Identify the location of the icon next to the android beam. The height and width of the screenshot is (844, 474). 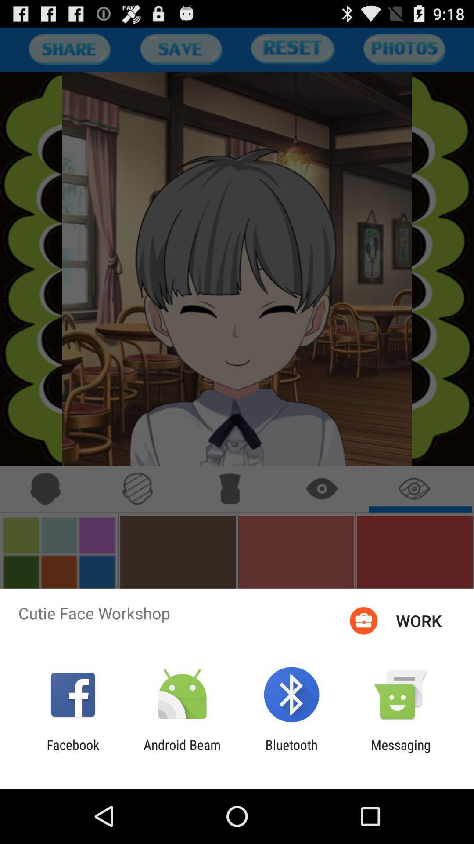
(291, 752).